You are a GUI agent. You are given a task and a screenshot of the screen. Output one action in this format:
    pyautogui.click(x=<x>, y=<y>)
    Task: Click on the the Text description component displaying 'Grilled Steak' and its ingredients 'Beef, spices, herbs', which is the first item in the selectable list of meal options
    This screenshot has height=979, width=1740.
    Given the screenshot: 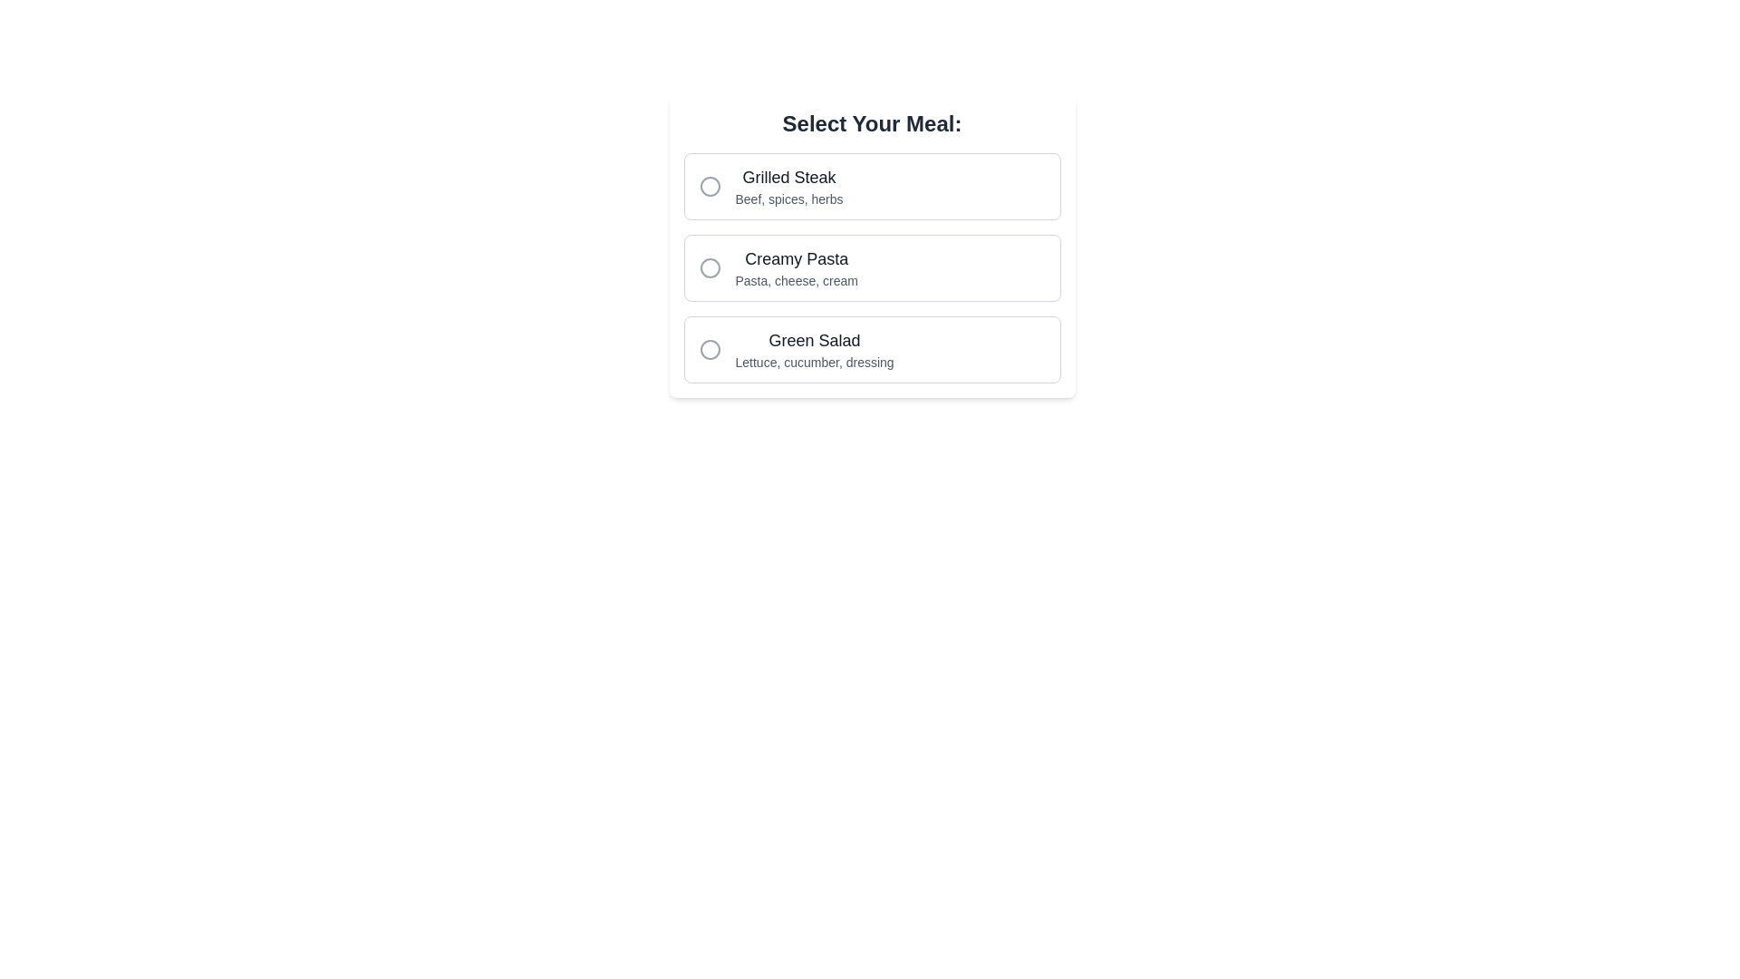 What is the action you would take?
    pyautogui.click(x=789, y=186)
    